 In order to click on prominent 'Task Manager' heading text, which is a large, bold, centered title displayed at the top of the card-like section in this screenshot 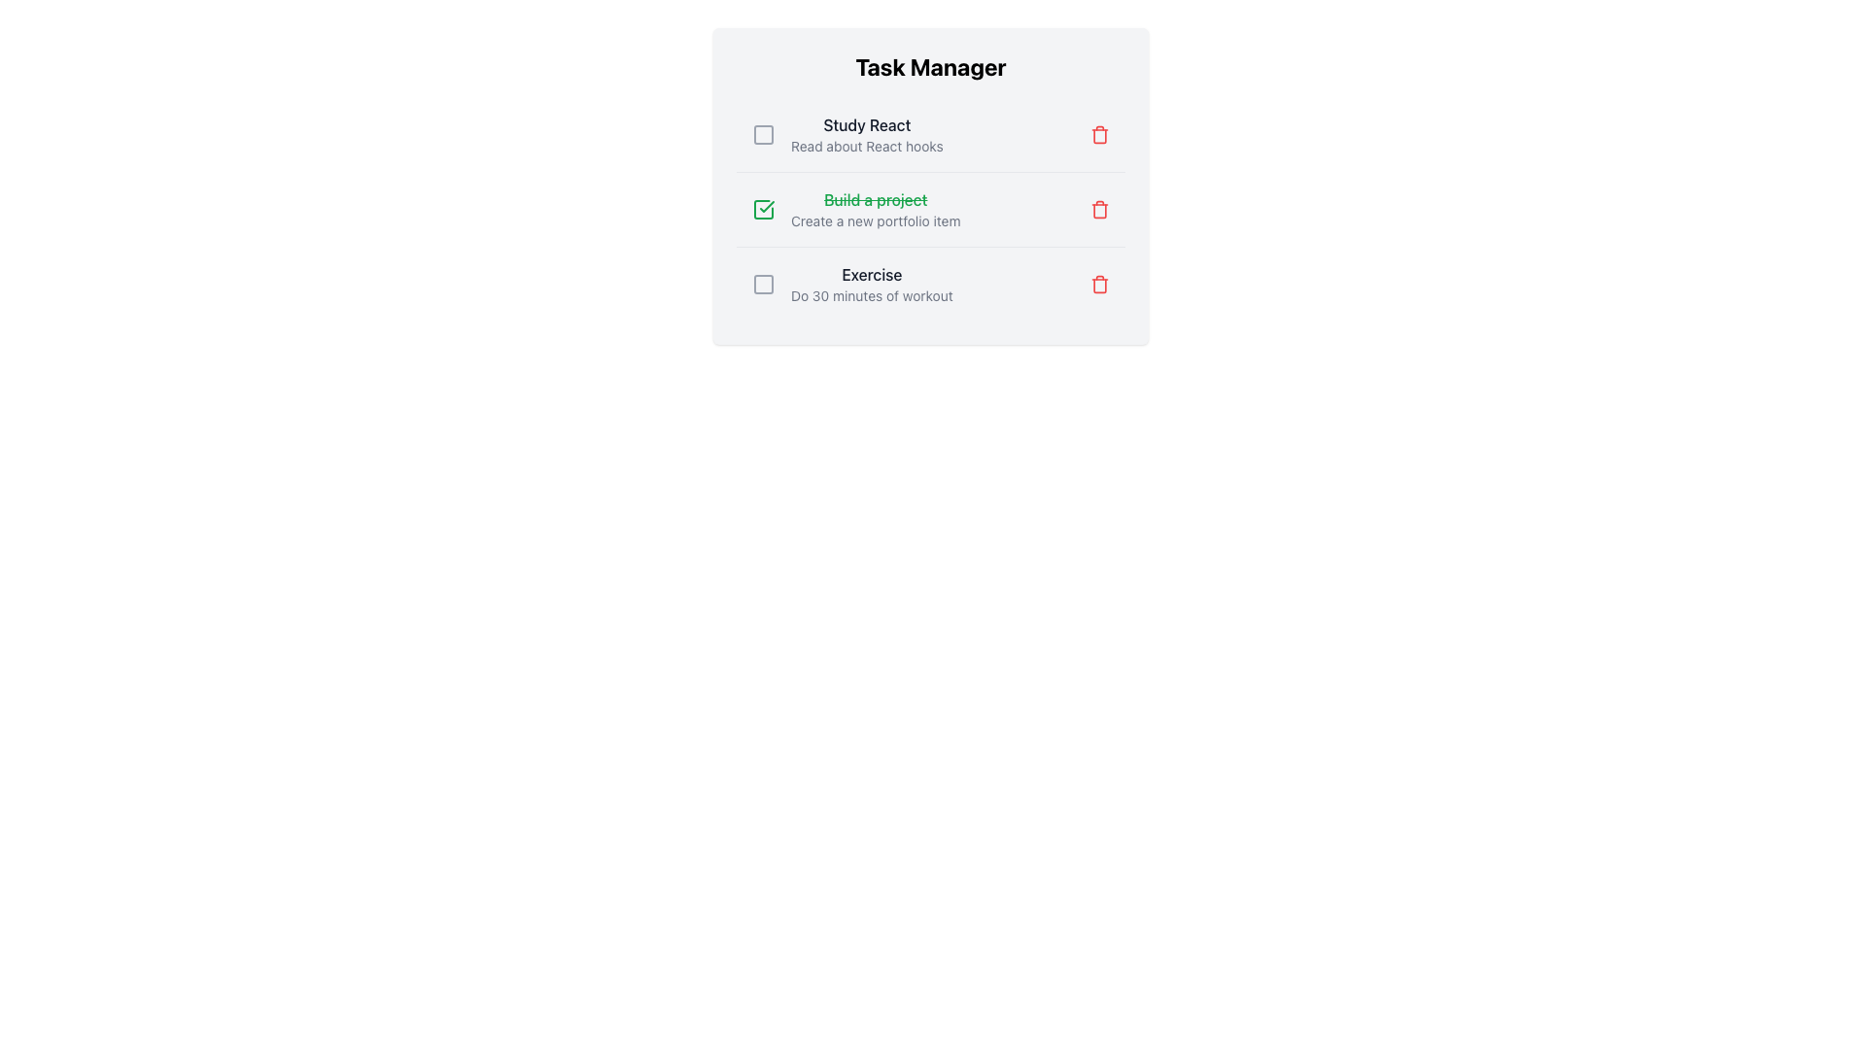, I will do `click(930, 66)`.